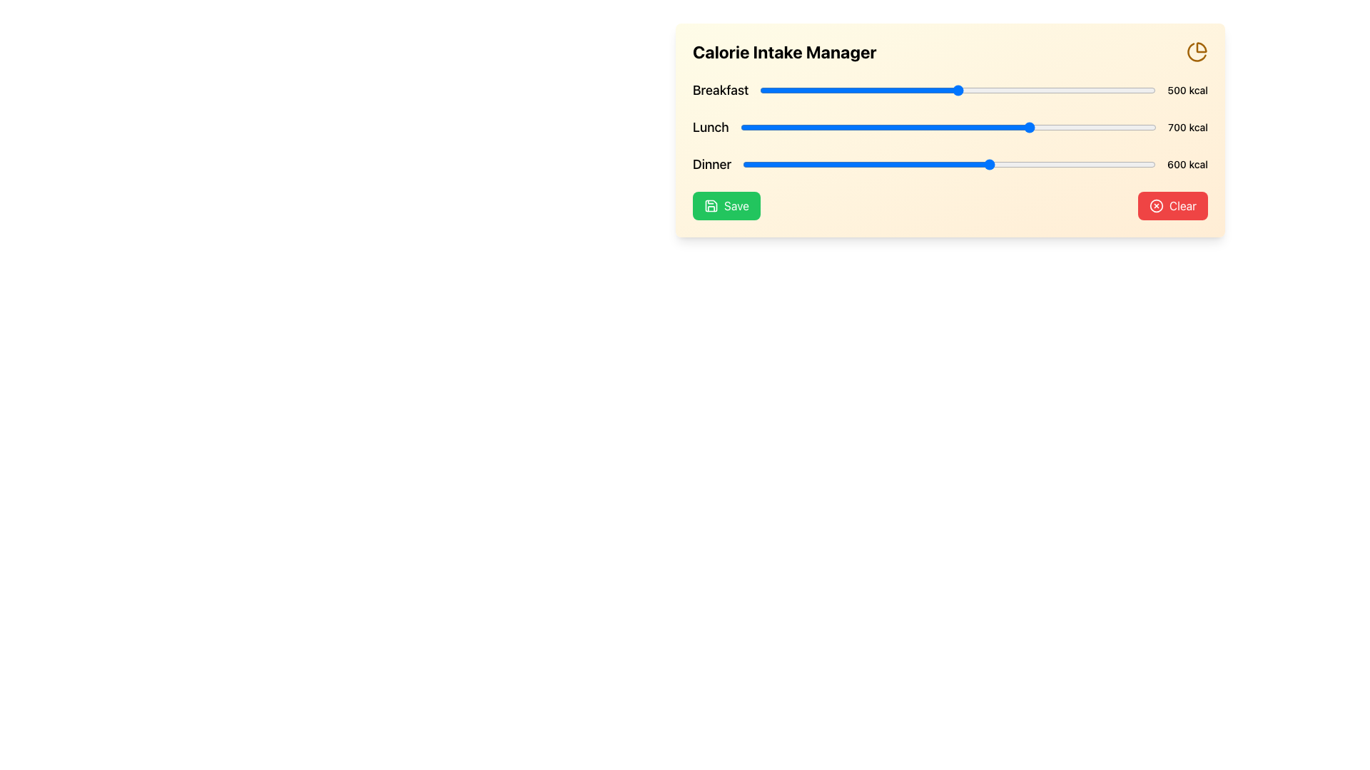 The width and height of the screenshot is (1370, 770). I want to click on the dinner calorie intake slider, so click(868, 164).